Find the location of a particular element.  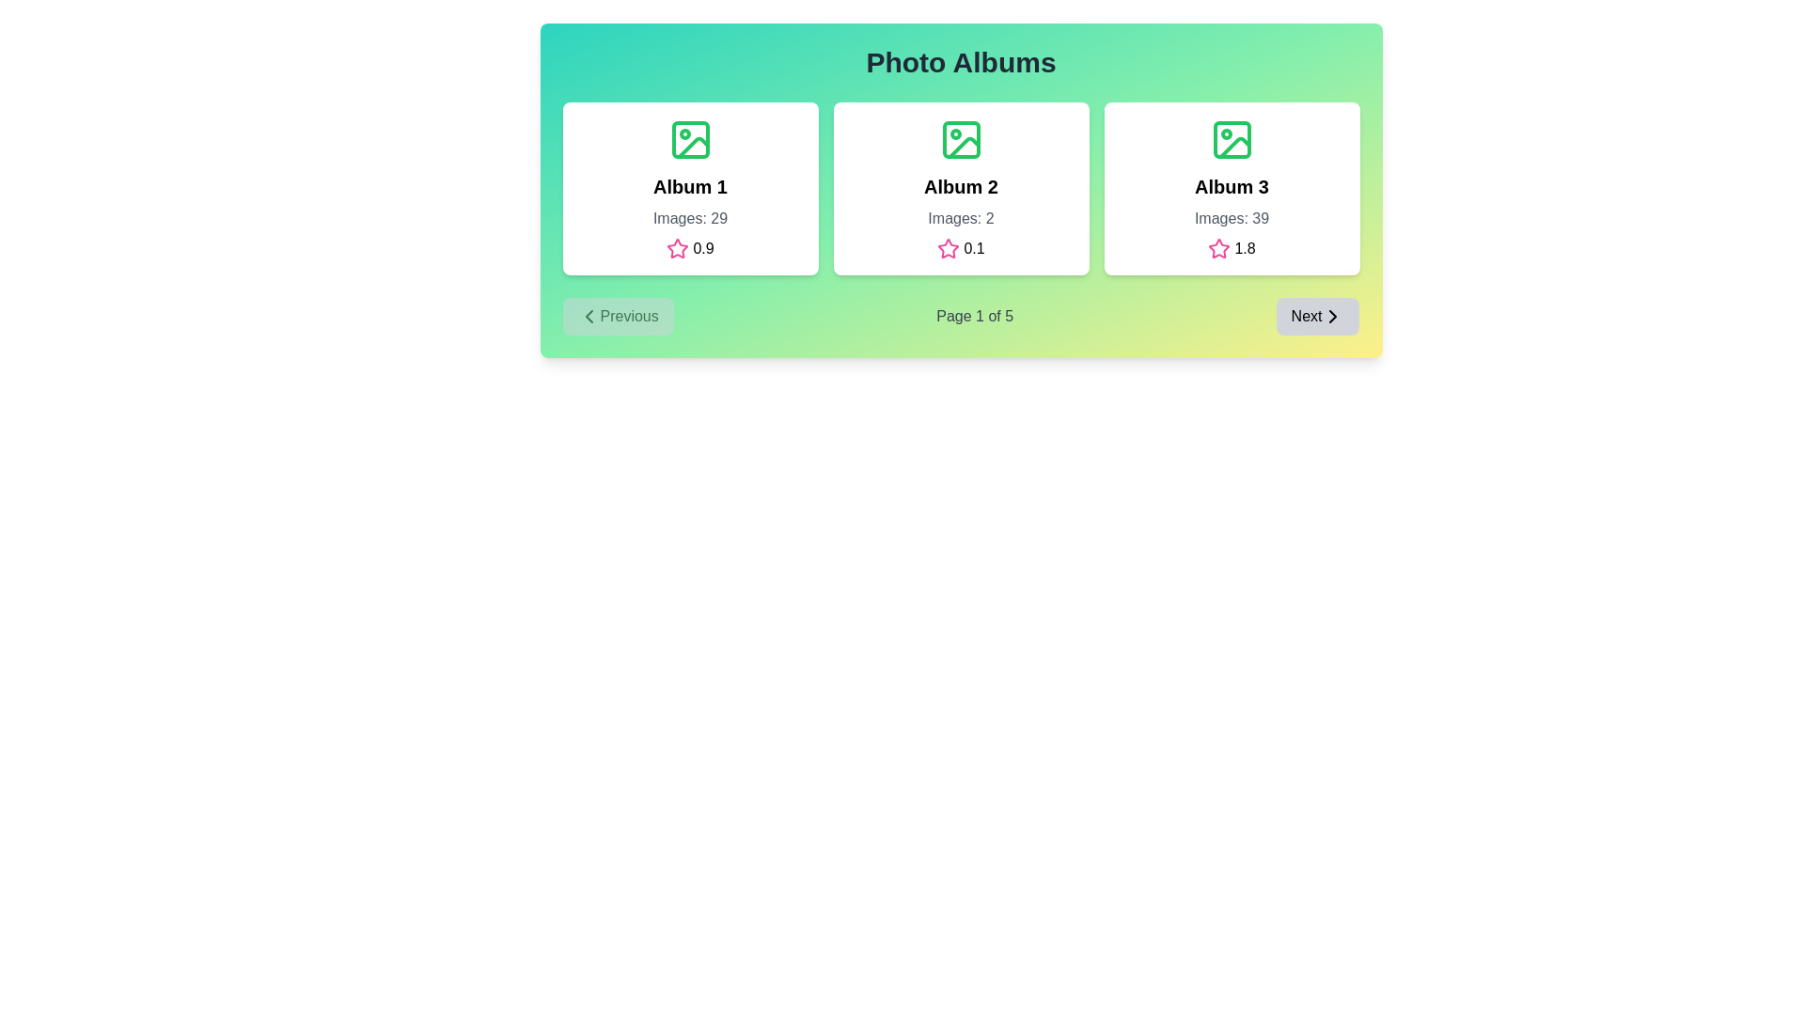

the image icon with a green outline located at the top center of the 'Album 1' display card is located at coordinates (689, 139).